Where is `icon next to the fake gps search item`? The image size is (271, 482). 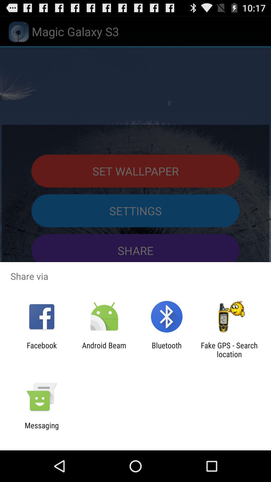
icon next to the fake gps search item is located at coordinates (167, 349).